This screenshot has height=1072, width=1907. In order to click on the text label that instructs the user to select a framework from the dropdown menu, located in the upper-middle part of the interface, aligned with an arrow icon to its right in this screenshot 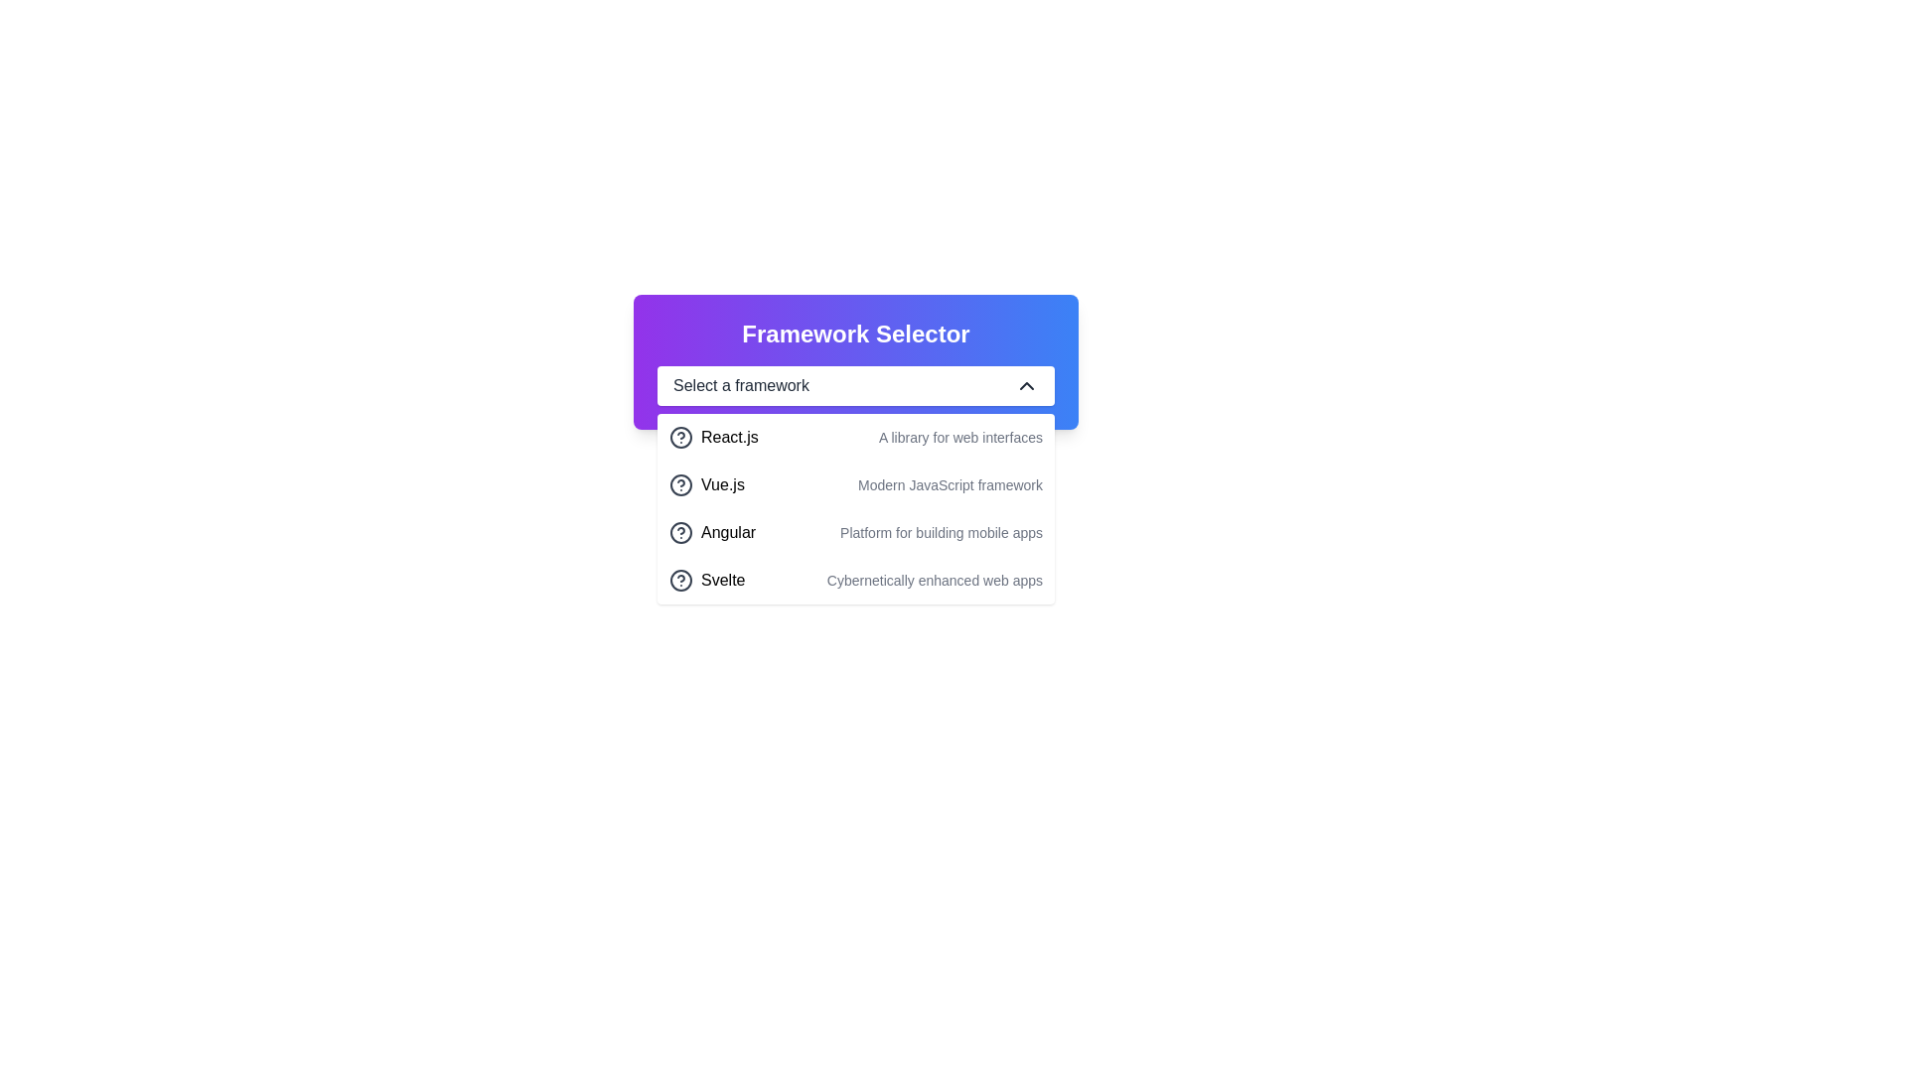, I will do `click(740, 386)`.